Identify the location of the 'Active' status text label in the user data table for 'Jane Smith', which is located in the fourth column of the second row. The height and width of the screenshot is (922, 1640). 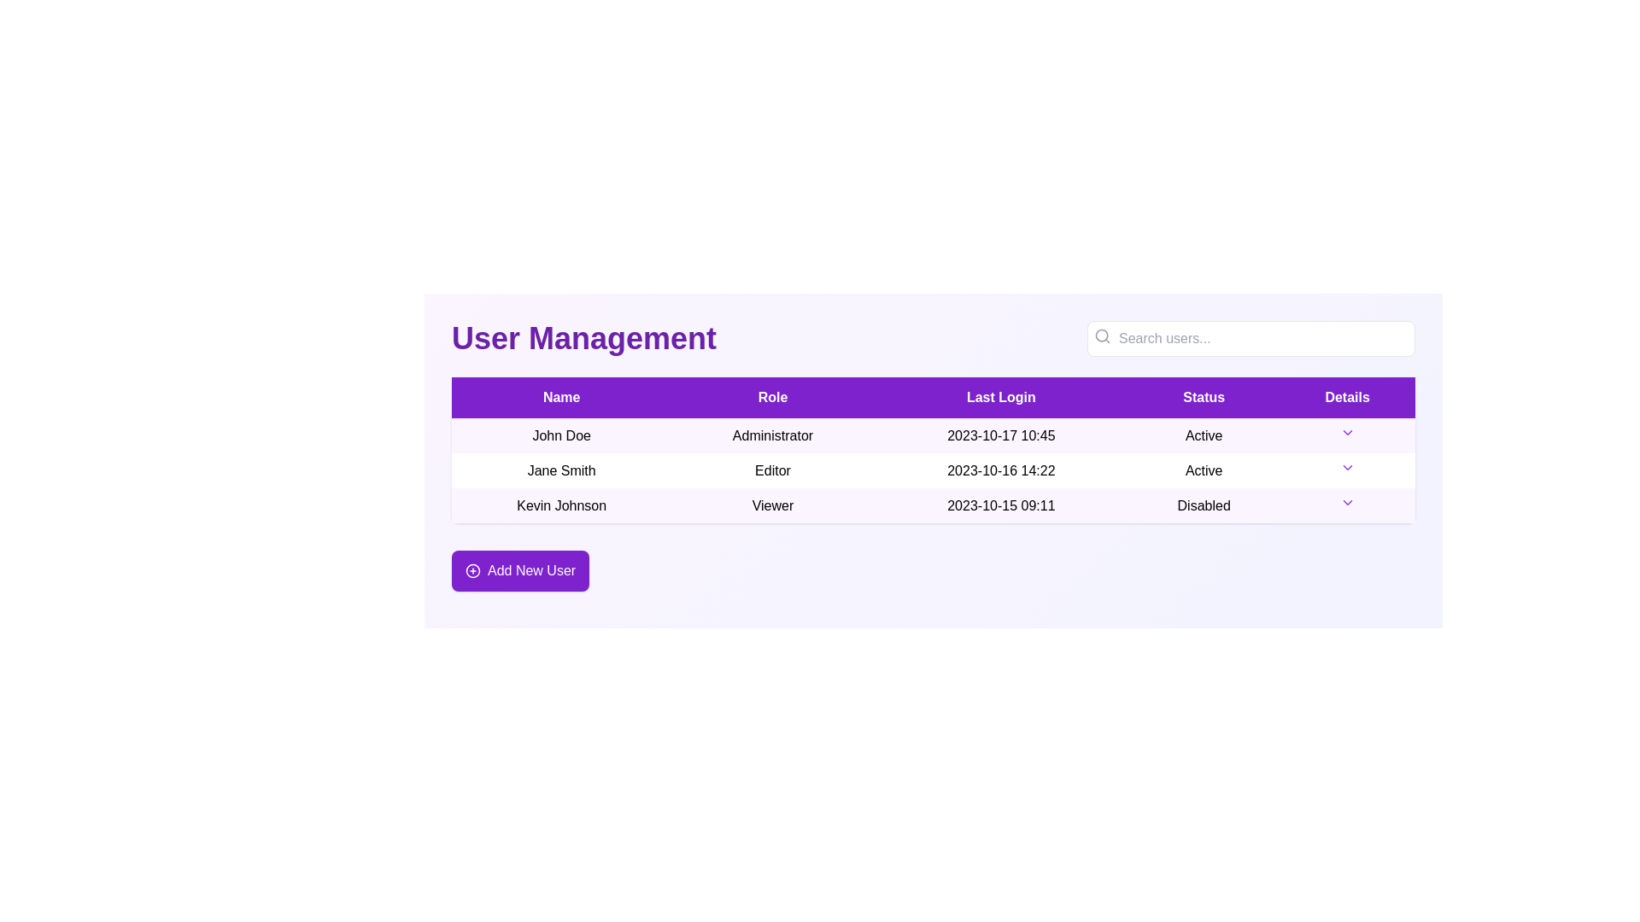
(1203, 470).